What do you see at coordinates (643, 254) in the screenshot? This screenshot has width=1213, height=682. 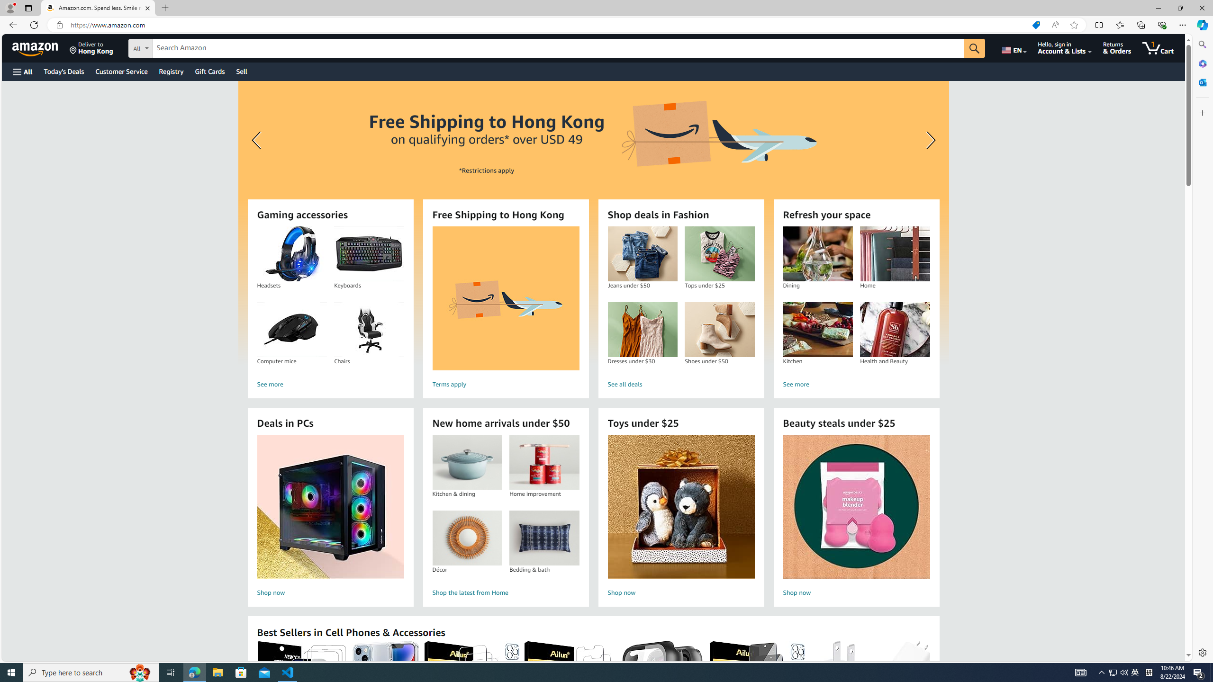 I see `'Jeans under $50'` at bounding box center [643, 254].